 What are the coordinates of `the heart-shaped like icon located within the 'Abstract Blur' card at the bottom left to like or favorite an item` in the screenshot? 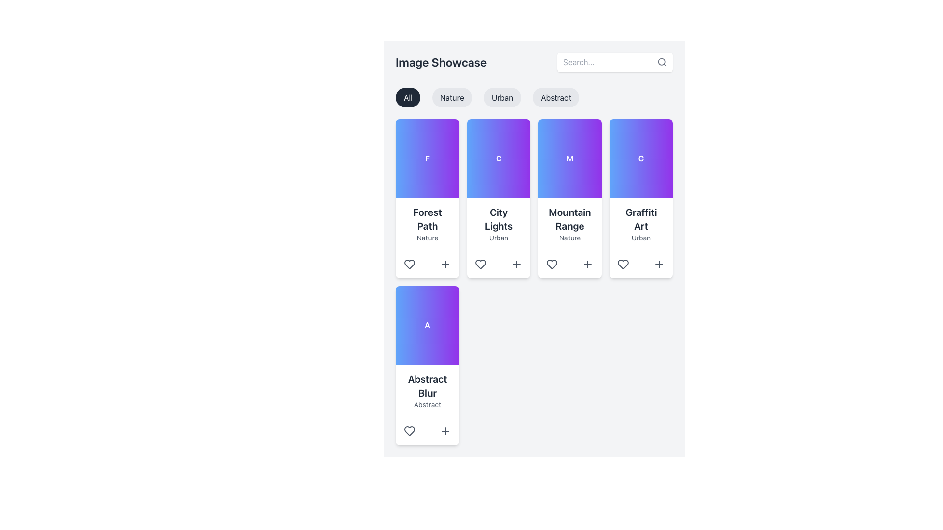 It's located at (410, 431).